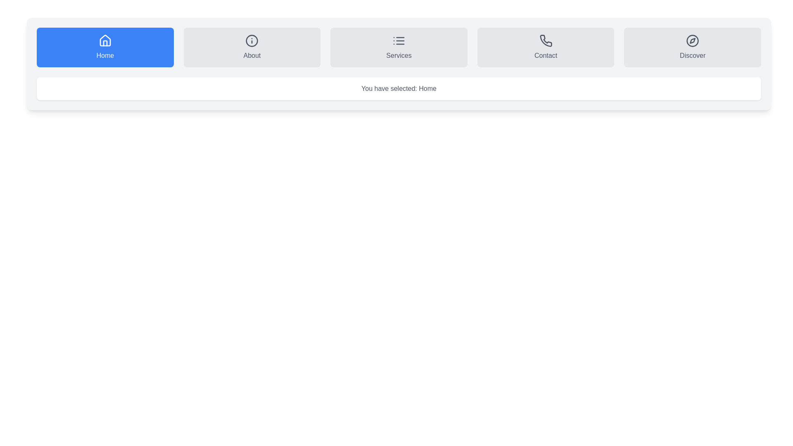 This screenshot has height=446, width=793. Describe the element at coordinates (399, 47) in the screenshot. I see `the third button in the horizontal navigation bar` at that location.